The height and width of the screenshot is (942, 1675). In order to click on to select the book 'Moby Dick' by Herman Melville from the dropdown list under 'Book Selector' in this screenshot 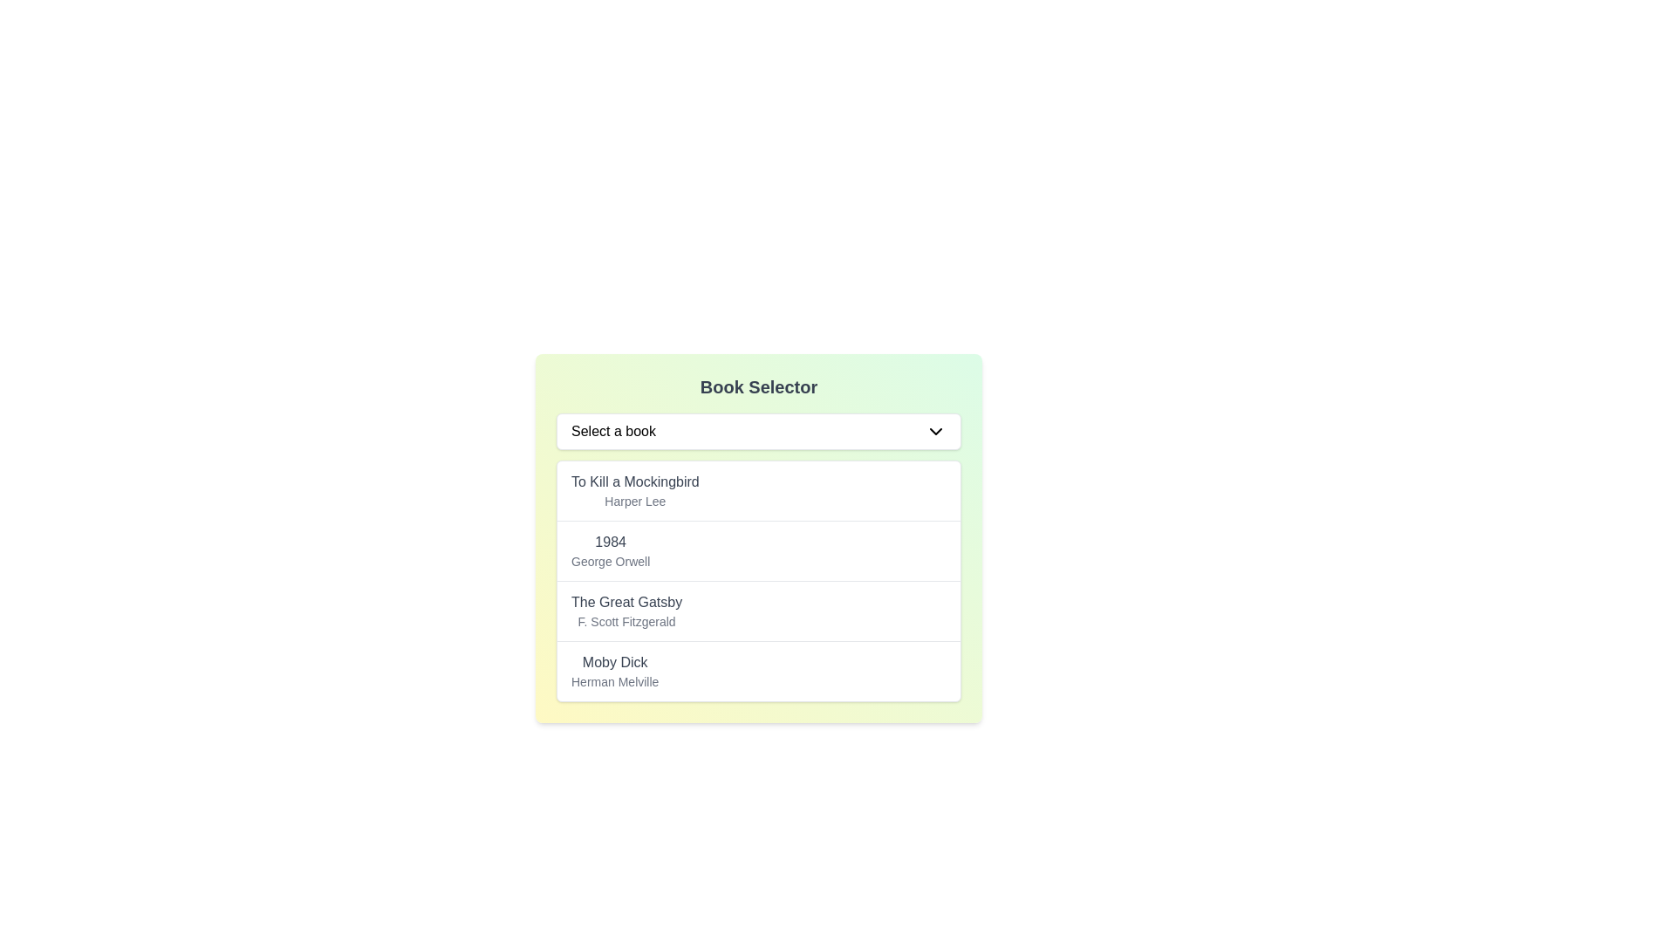, I will do `click(758, 670)`.